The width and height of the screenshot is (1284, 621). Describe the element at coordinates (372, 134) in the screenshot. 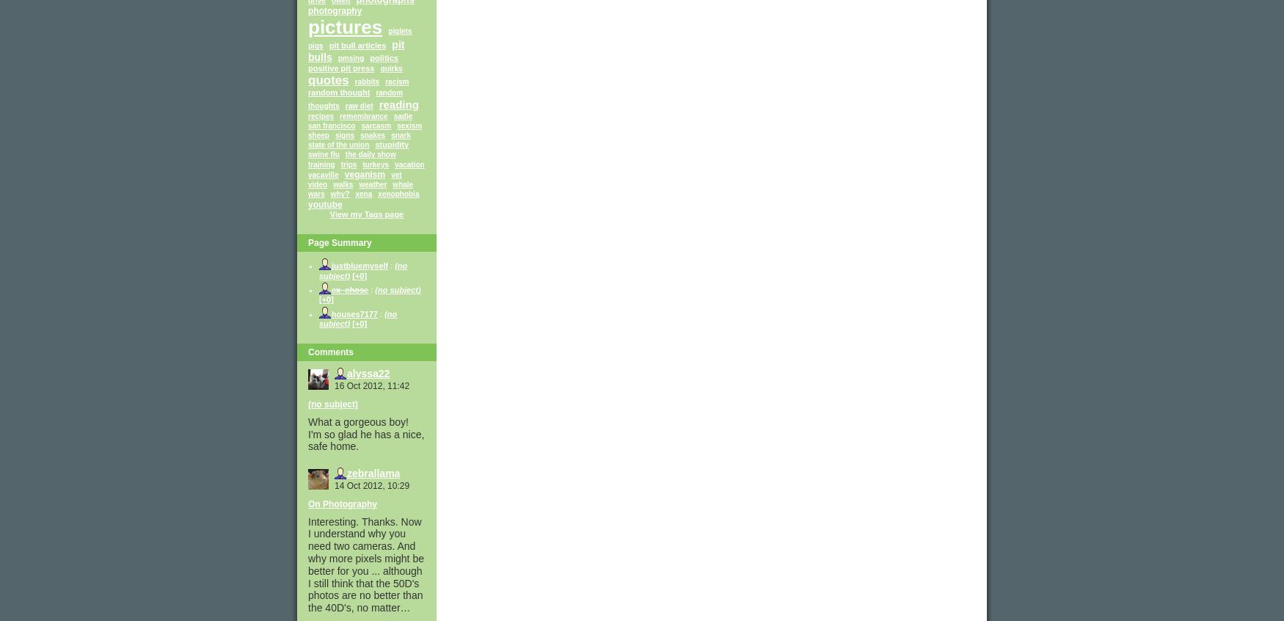

I see `'snakes'` at that location.